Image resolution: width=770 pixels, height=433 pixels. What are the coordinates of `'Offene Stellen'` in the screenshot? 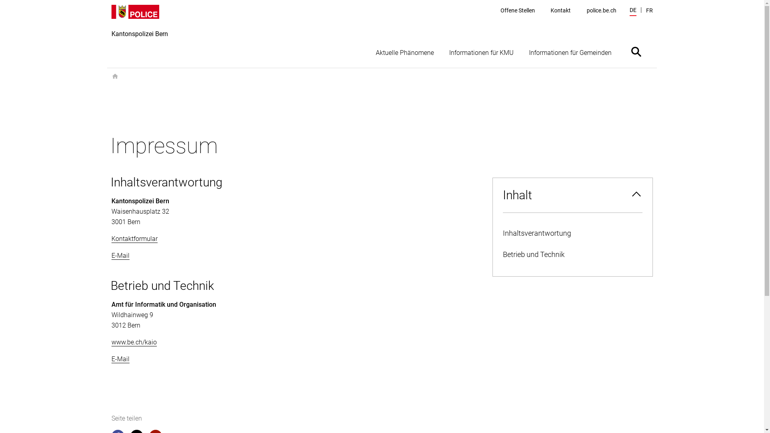 It's located at (518, 10).